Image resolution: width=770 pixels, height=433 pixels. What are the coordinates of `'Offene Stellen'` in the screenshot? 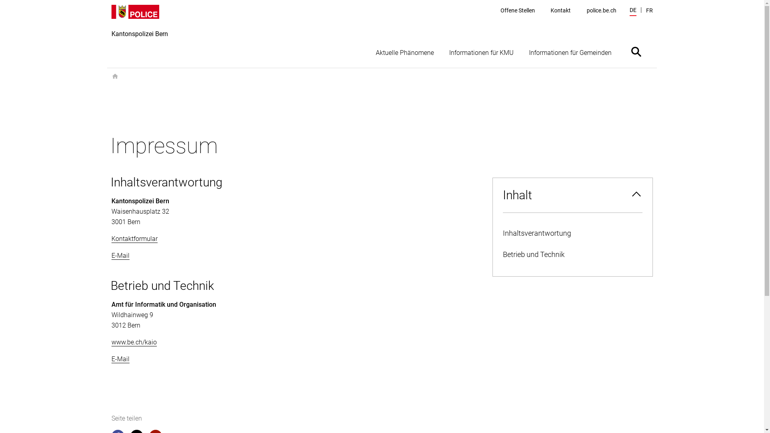 It's located at (518, 10).